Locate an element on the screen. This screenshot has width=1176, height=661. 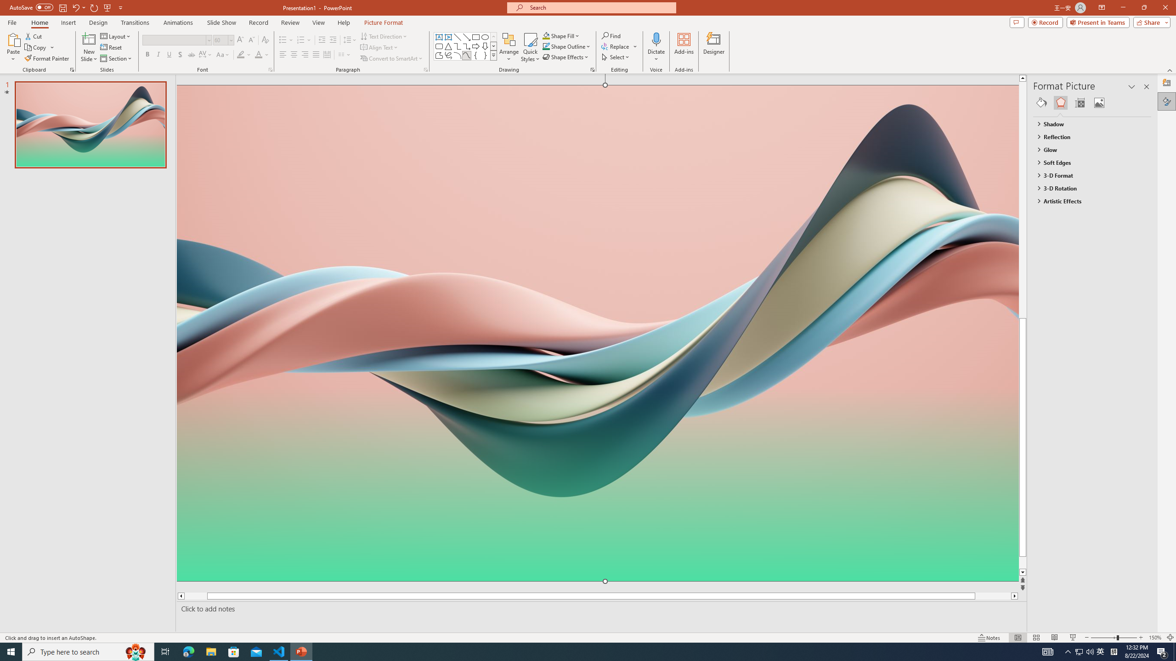
'Size & Properties' is located at coordinates (1080, 102).